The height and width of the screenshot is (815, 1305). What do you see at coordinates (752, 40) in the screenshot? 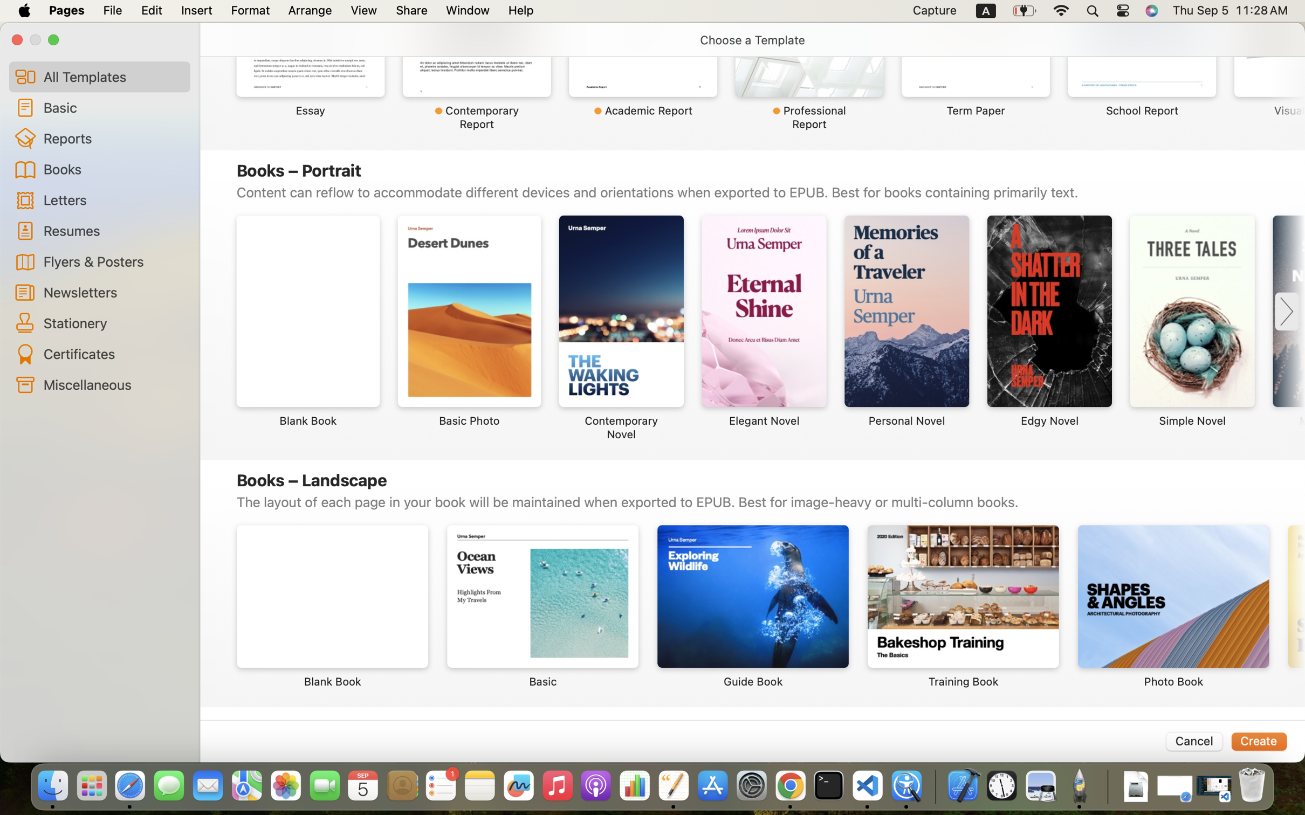
I see `'Choose a Template'` at bounding box center [752, 40].